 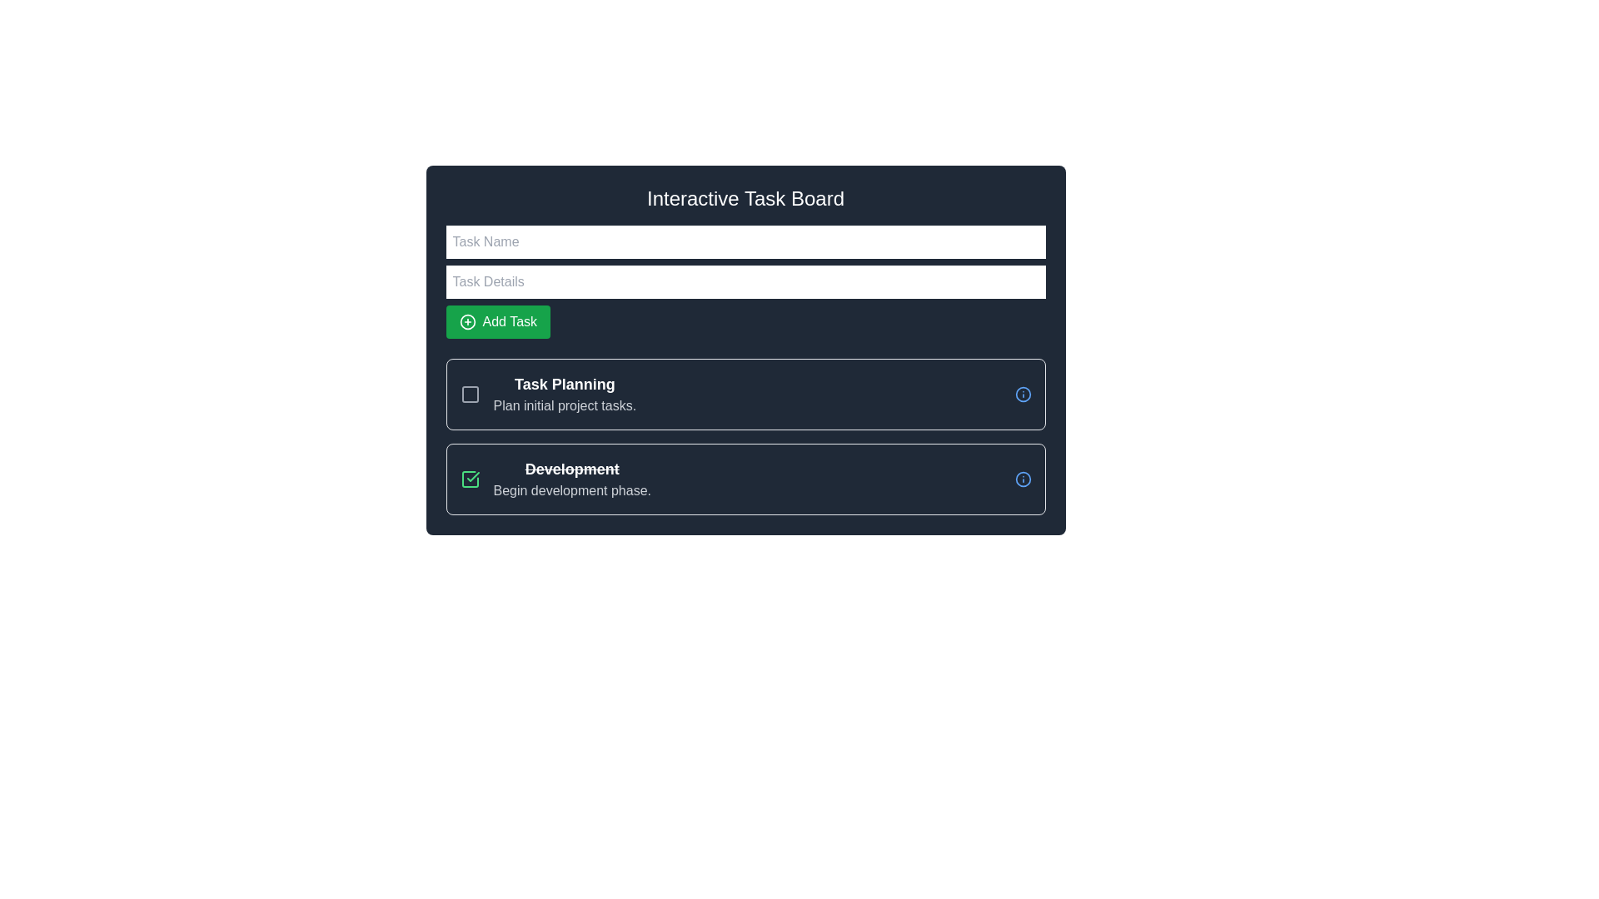 I want to click on the circular interactive button with a blue outline, located at the right edge of the 'Task Planning' task box, so click(x=1022, y=395).